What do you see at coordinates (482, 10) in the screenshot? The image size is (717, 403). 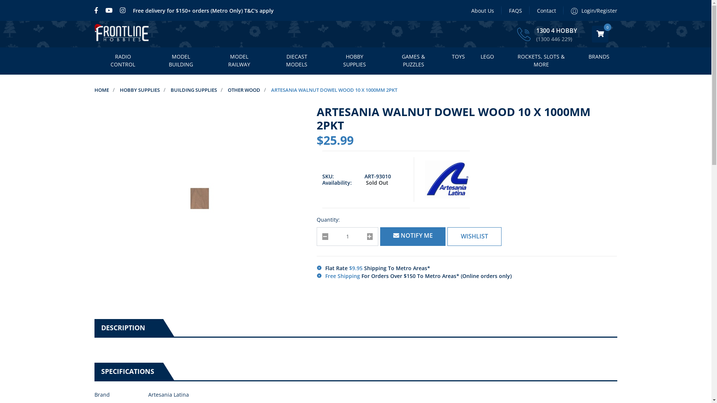 I see `'About Us'` at bounding box center [482, 10].